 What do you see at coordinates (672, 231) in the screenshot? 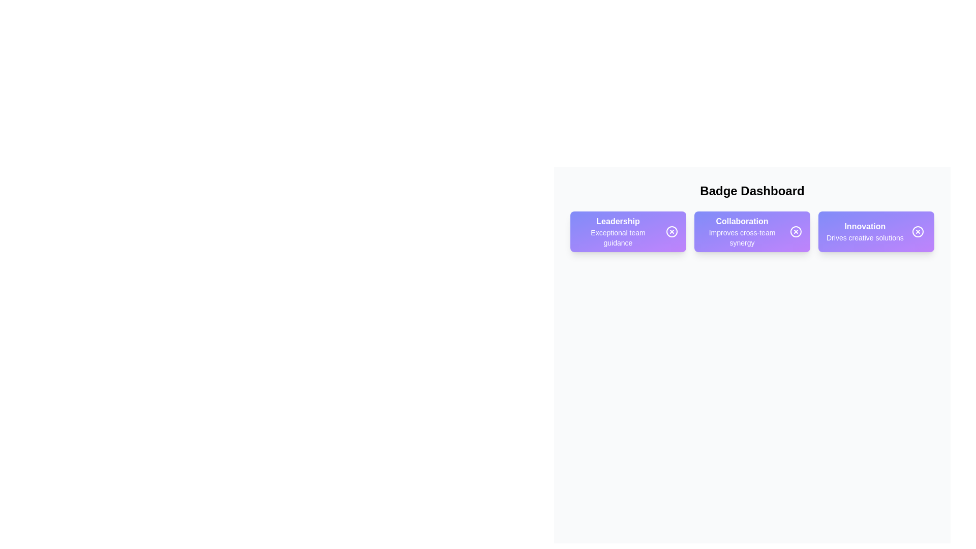
I see `remove button on the badge labeled Leadership to delete it` at bounding box center [672, 231].